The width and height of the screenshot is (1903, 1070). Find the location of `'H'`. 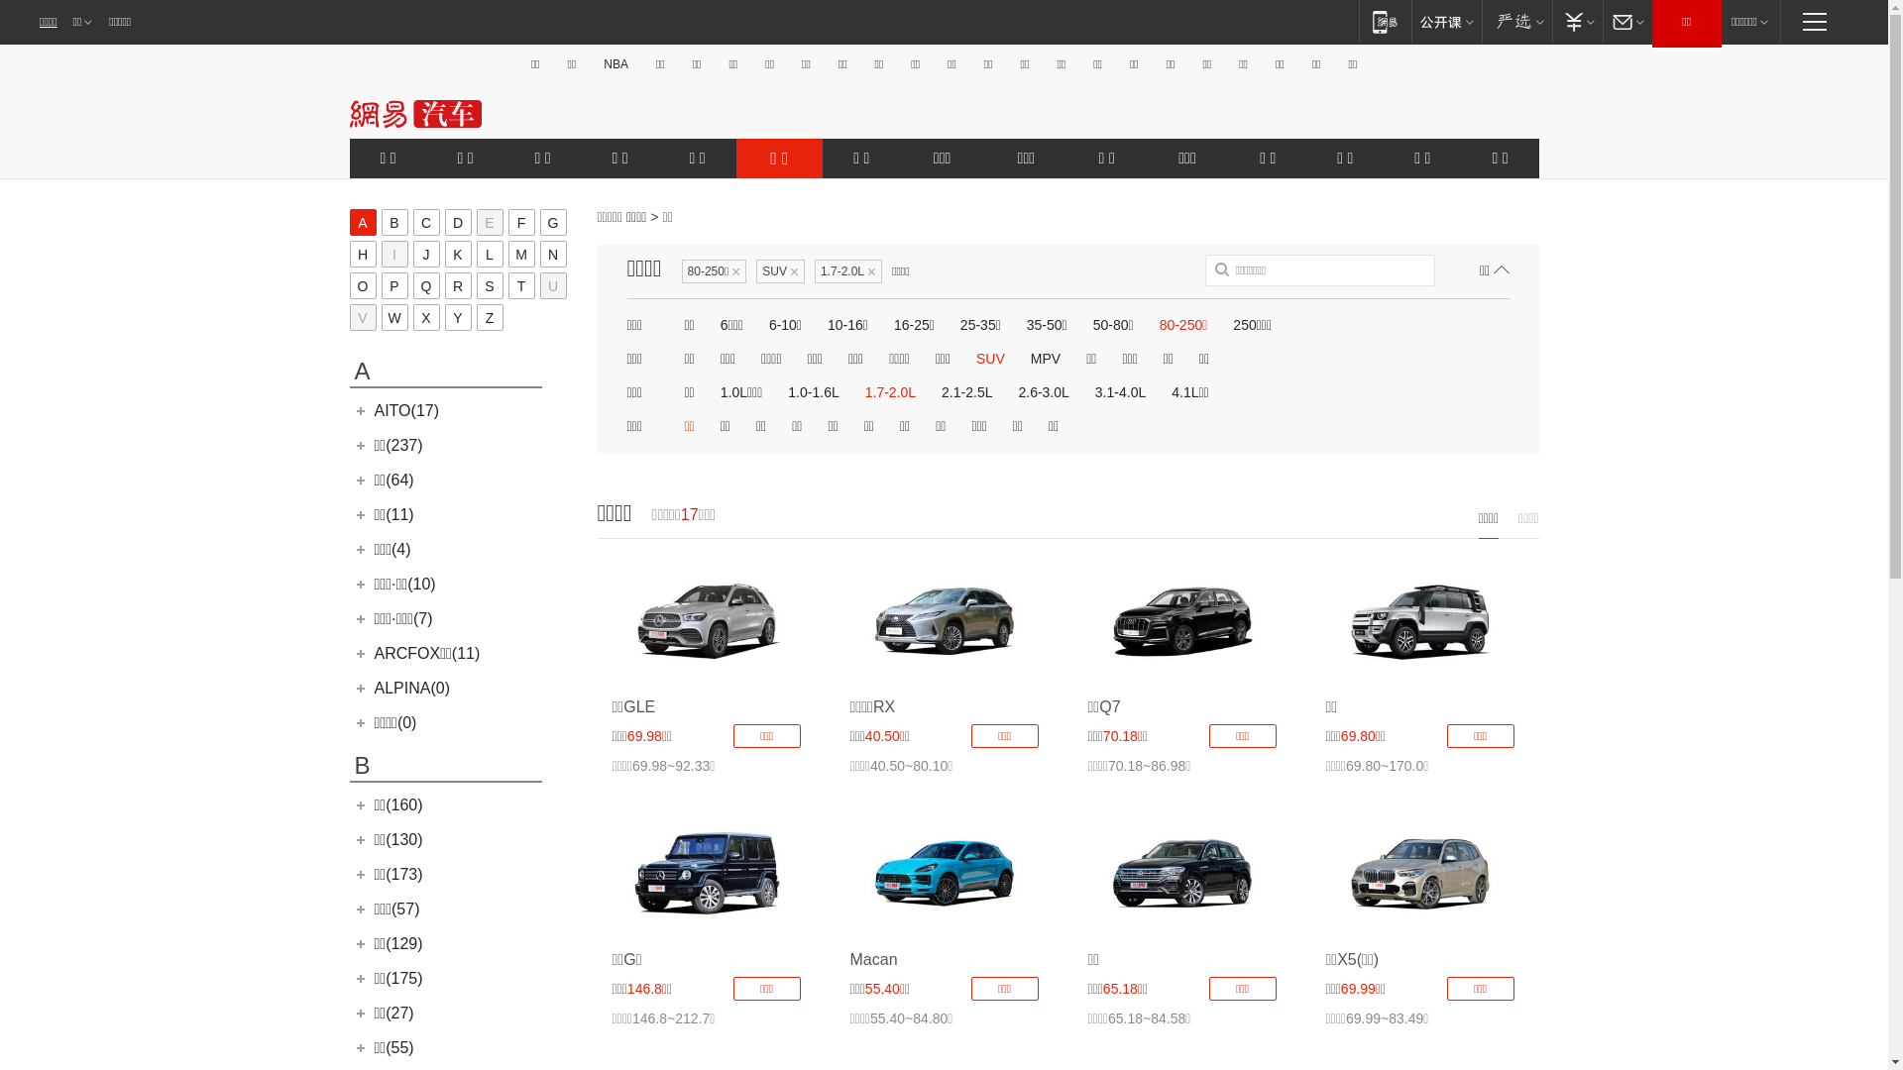

'H' is located at coordinates (362, 253).